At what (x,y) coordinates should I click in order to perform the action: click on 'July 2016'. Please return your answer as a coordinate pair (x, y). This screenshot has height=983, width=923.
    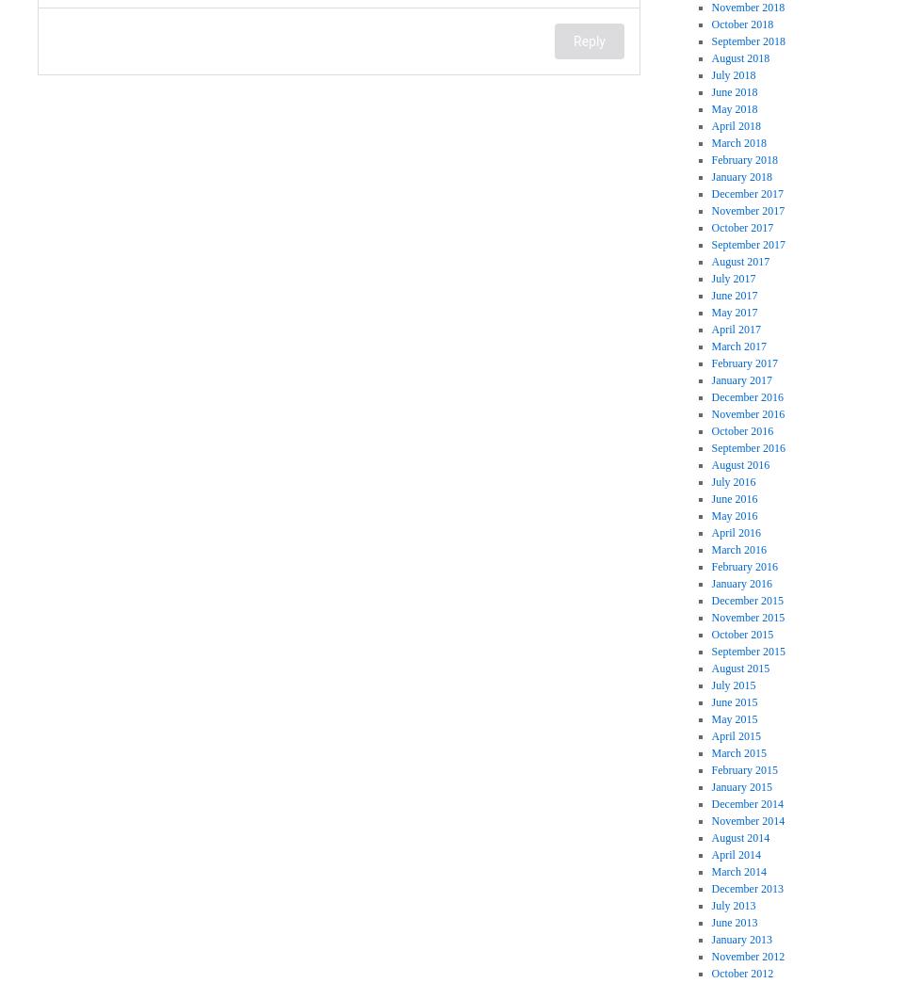
    Looking at the image, I should click on (733, 481).